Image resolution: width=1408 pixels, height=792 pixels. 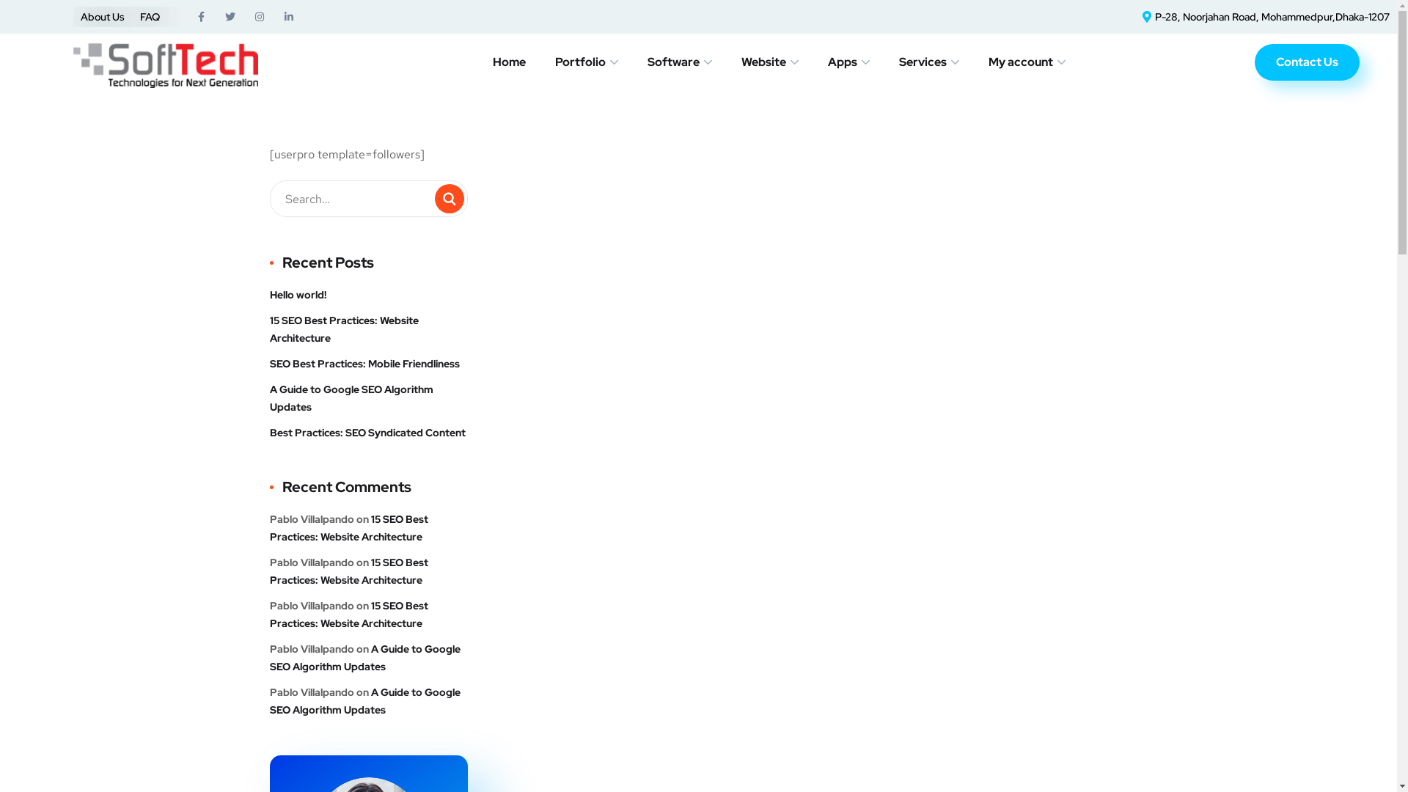 What do you see at coordinates (678, 61) in the screenshot?
I see `'Software'` at bounding box center [678, 61].